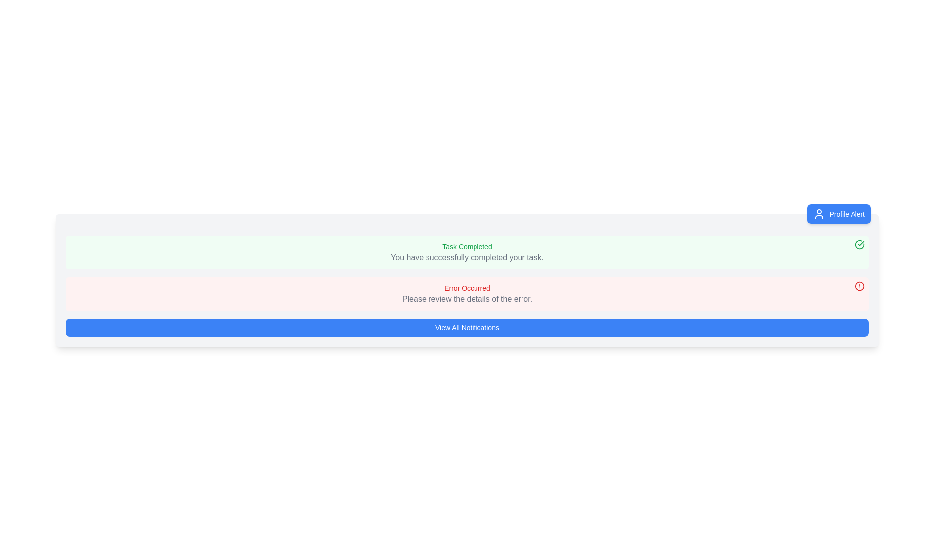 This screenshot has width=950, height=534. Describe the element at coordinates (467, 328) in the screenshot. I see `the rectangular blue button labeled 'View All Notifications'` at that location.